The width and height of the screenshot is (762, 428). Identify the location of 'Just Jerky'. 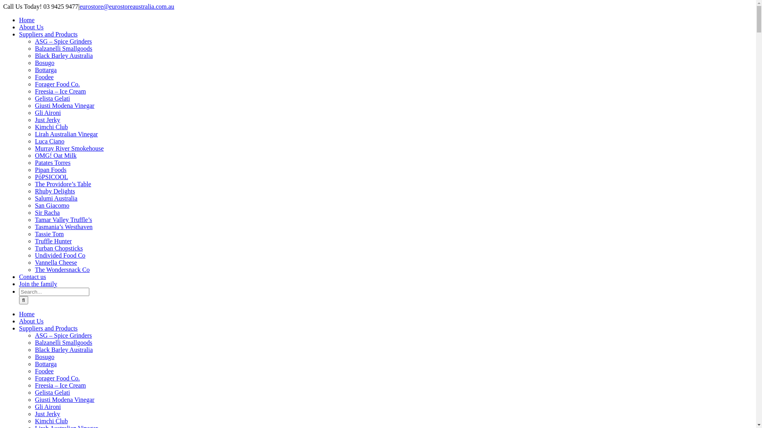
(47, 413).